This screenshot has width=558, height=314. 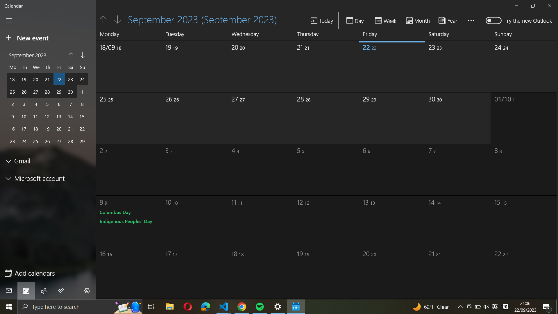 I want to click on Input new functions on Columbus Day program, so click(x=115, y=212).